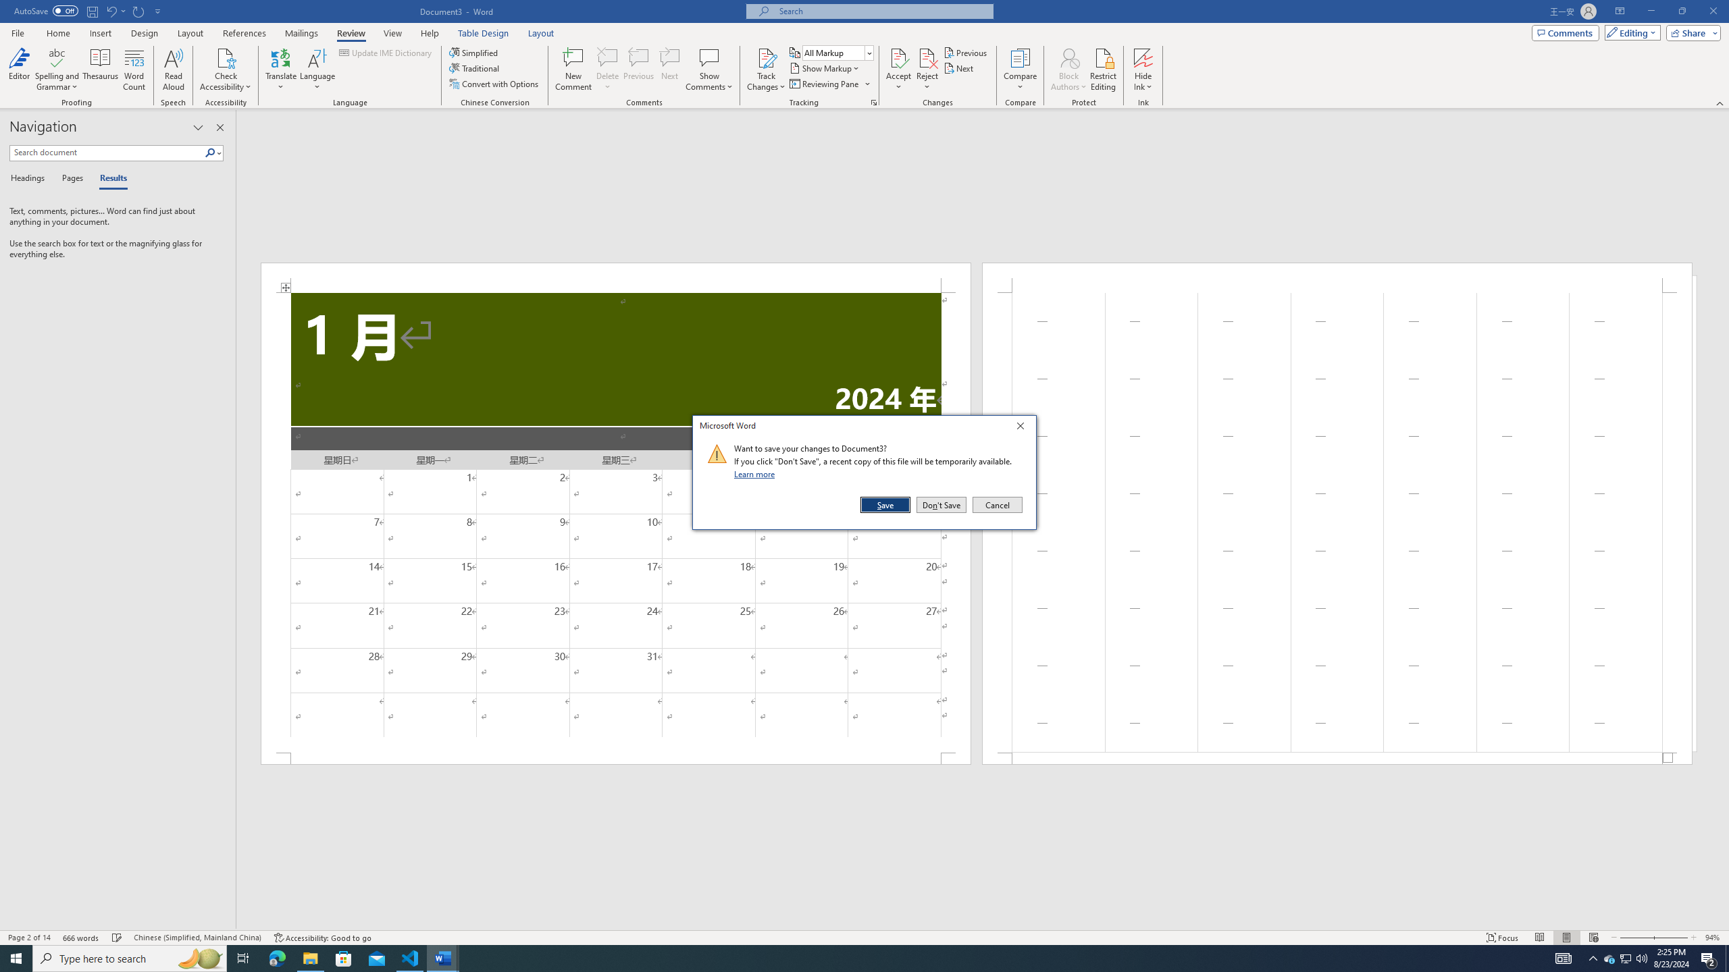 The width and height of the screenshot is (1729, 972). I want to click on 'Compare', so click(1021, 70).